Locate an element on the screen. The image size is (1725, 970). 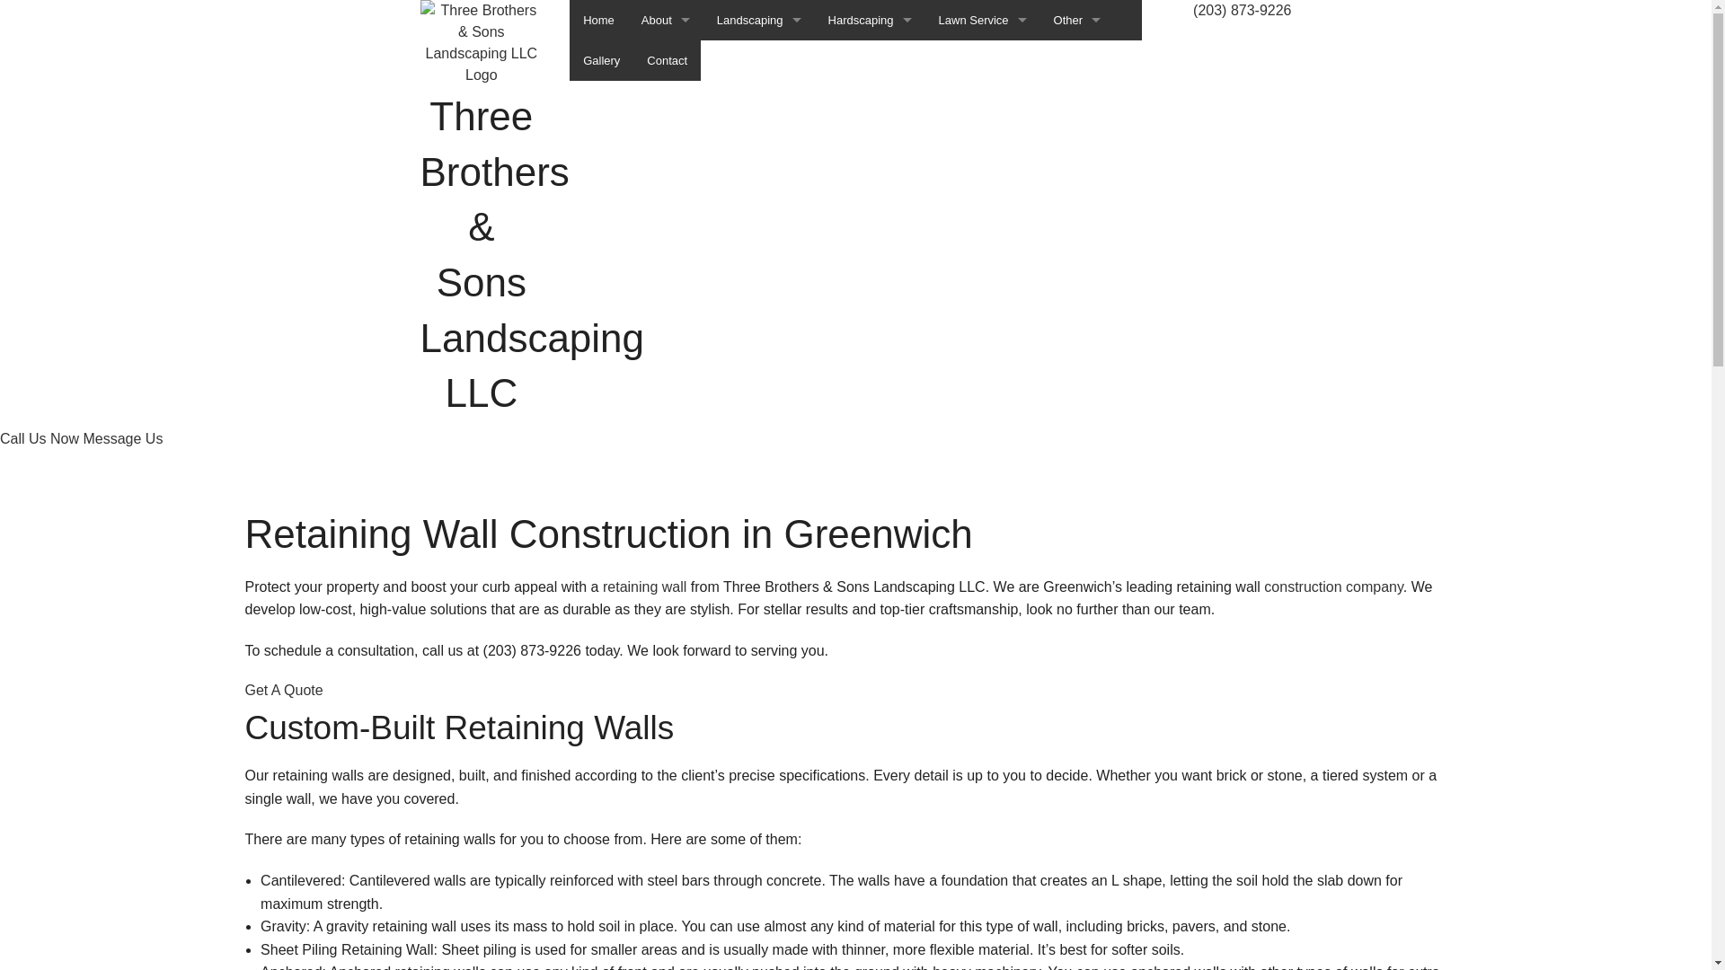
'Message Us' is located at coordinates (121, 438).